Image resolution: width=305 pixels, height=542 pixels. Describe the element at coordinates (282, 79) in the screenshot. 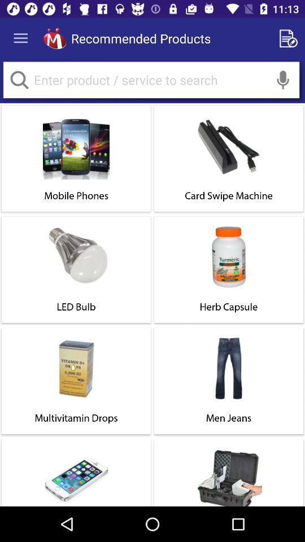

I see `voice input option` at that location.